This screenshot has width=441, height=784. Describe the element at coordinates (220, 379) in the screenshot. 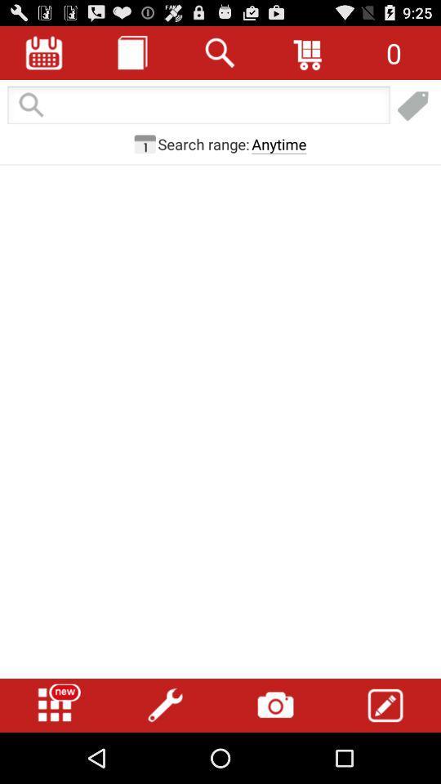

I see `item at the center` at that location.